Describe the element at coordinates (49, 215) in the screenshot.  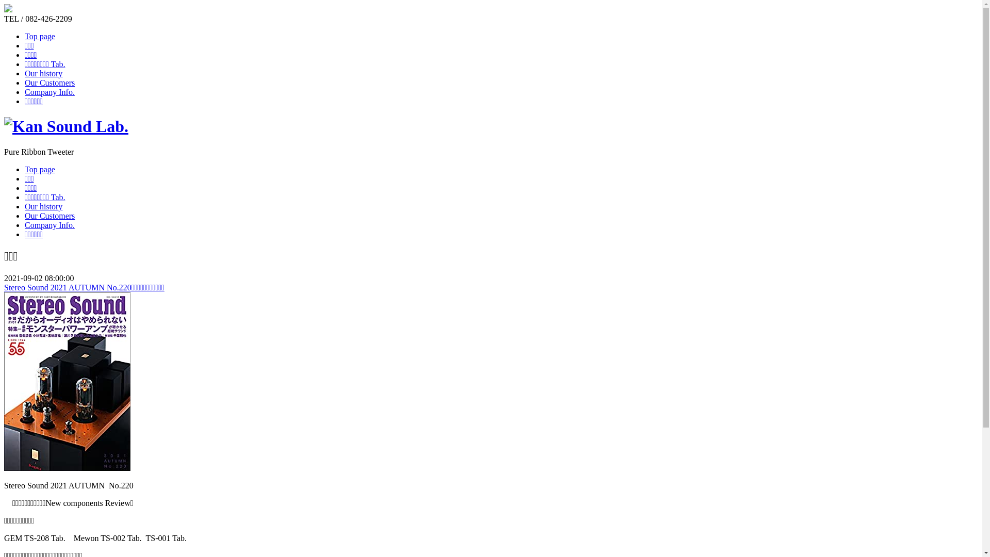
I see `'Our Customers'` at that location.